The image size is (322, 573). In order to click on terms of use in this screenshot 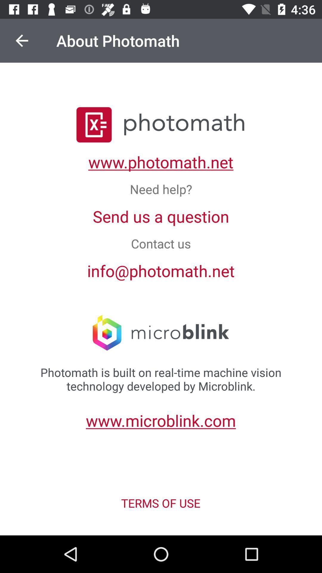, I will do `click(161, 503)`.